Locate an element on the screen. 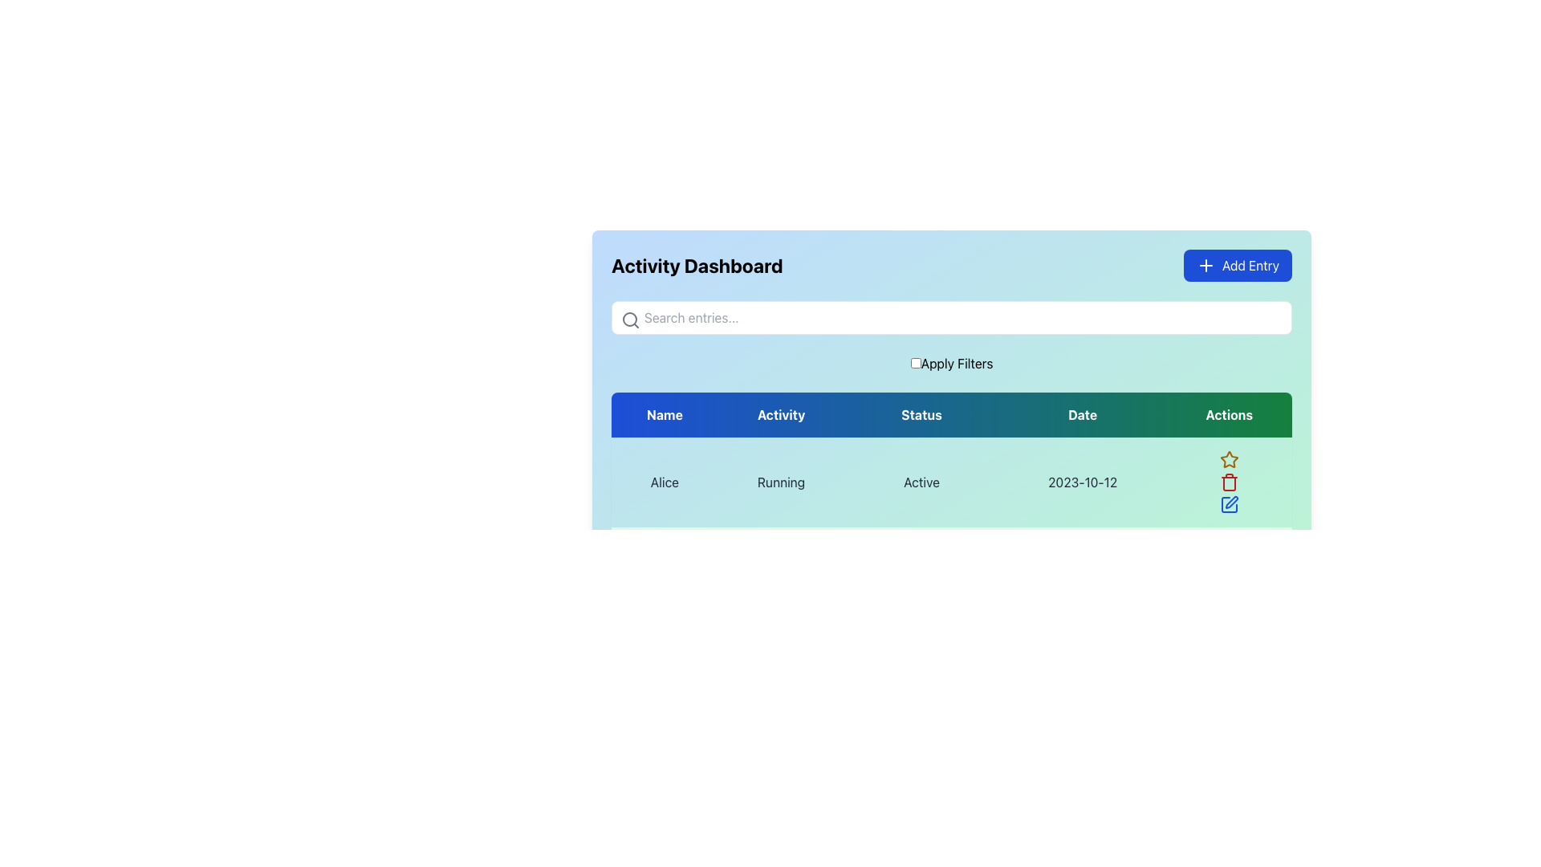 This screenshot has height=867, width=1541. the text label displaying 'Actions' in white color with a green background, located at the top-right quadrant of the layout in the table header row is located at coordinates (1228, 413).